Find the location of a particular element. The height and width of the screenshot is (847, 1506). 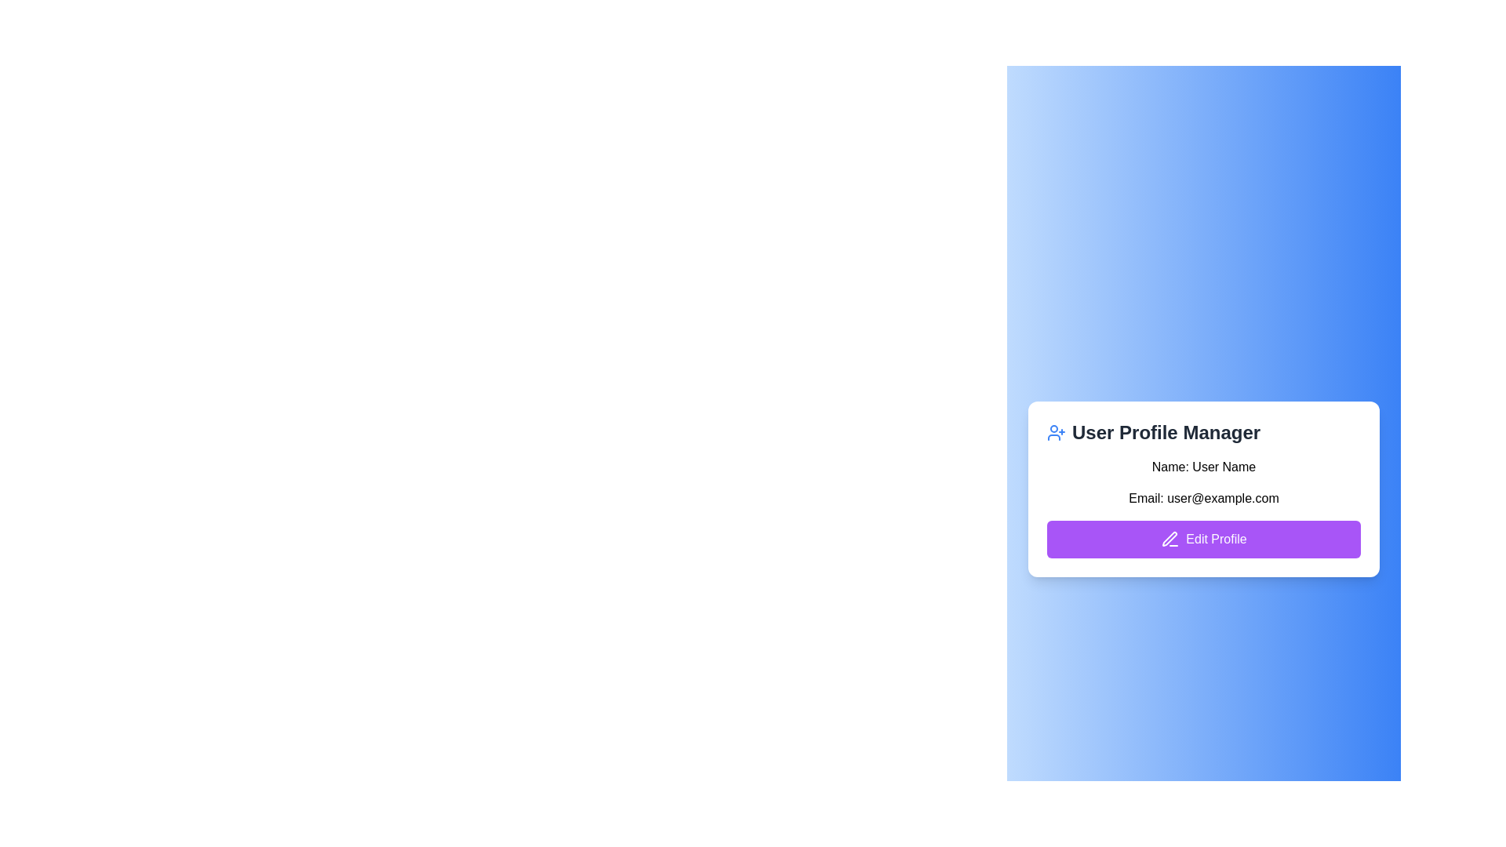

the text label 'Email:' that identifies the associated email address 'user@example.com' is located at coordinates (1146, 498).